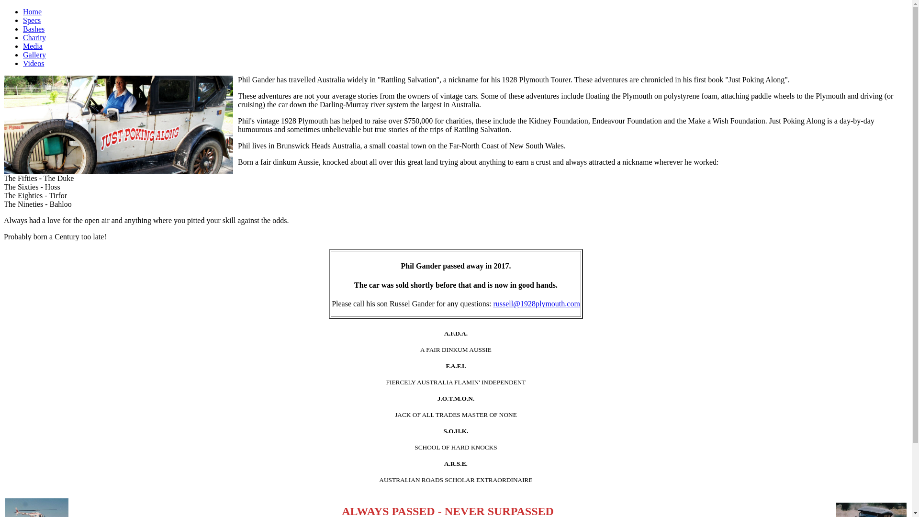  Describe the element at coordinates (34, 55) in the screenshot. I see `'Gallery'` at that location.